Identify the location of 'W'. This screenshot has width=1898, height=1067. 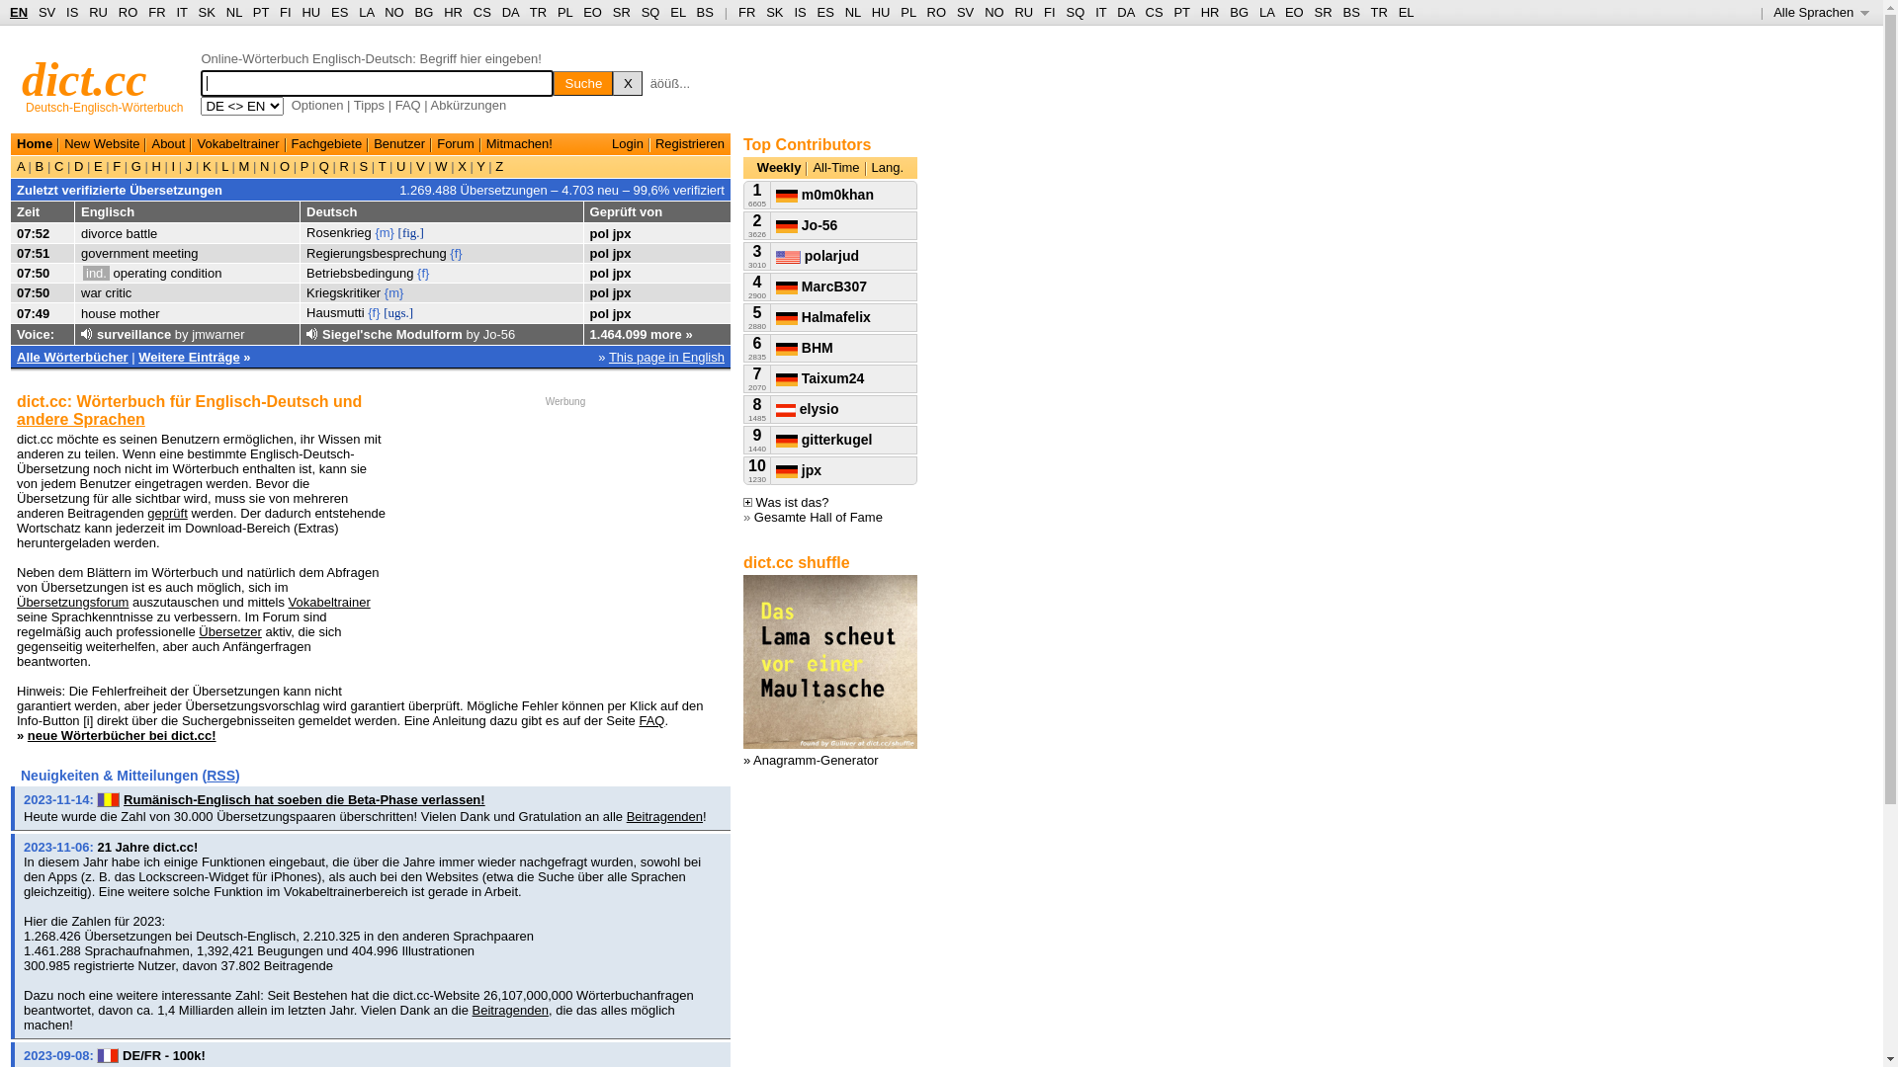
(440, 165).